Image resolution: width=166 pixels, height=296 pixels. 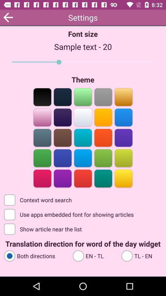 What do you see at coordinates (43, 228) in the screenshot?
I see `the show article near checkbox` at bounding box center [43, 228].